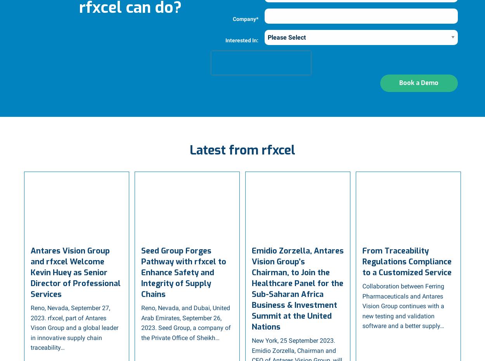 This screenshot has height=361, width=485. What do you see at coordinates (407, 261) in the screenshot?
I see `'From Traceability Regulations Compliance to a Customized Service'` at bounding box center [407, 261].